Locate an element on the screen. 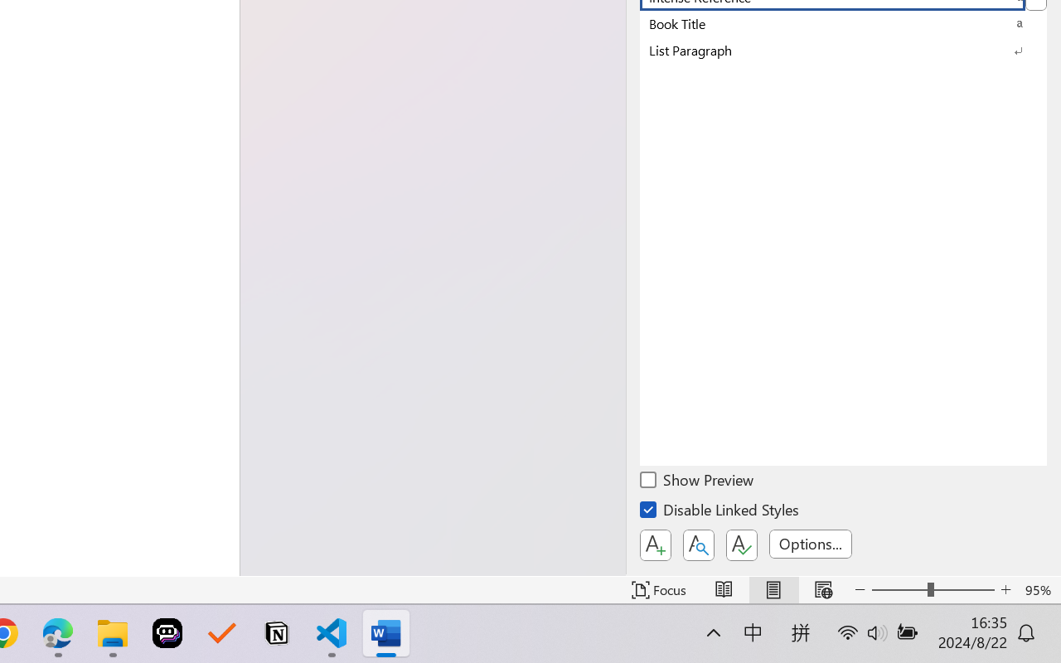 Image resolution: width=1061 pixels, height=663 pixels. 'Show Preview' is located at coordinates (698, 482).